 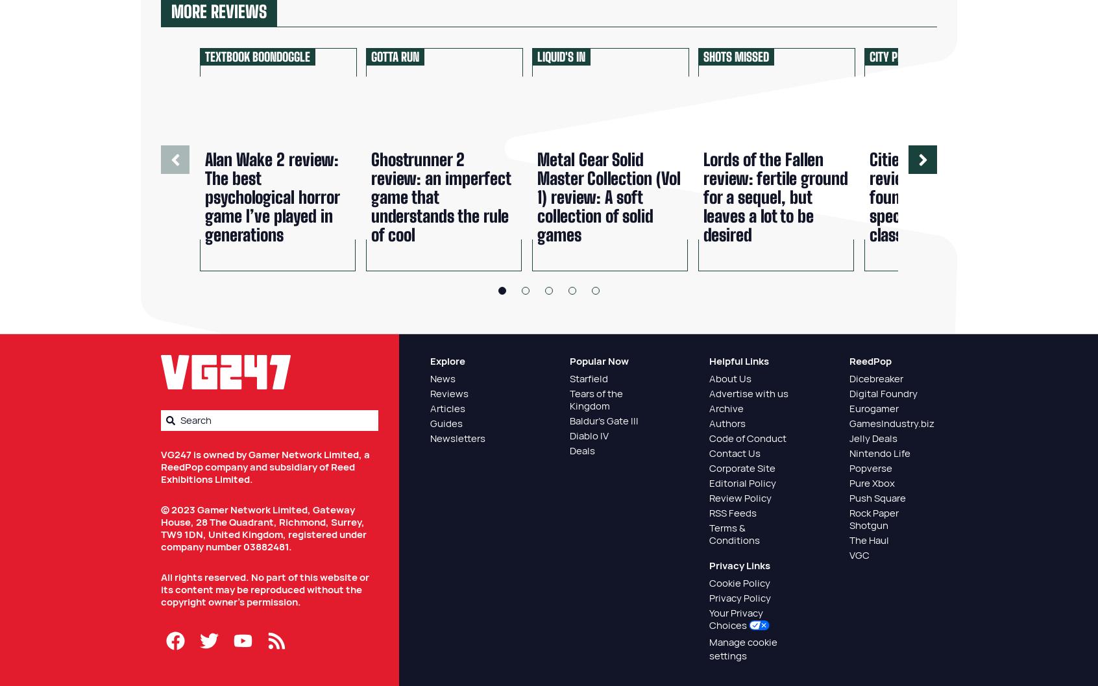 I want to click on 'Terms & Conditions', so click(x=733, y=533).